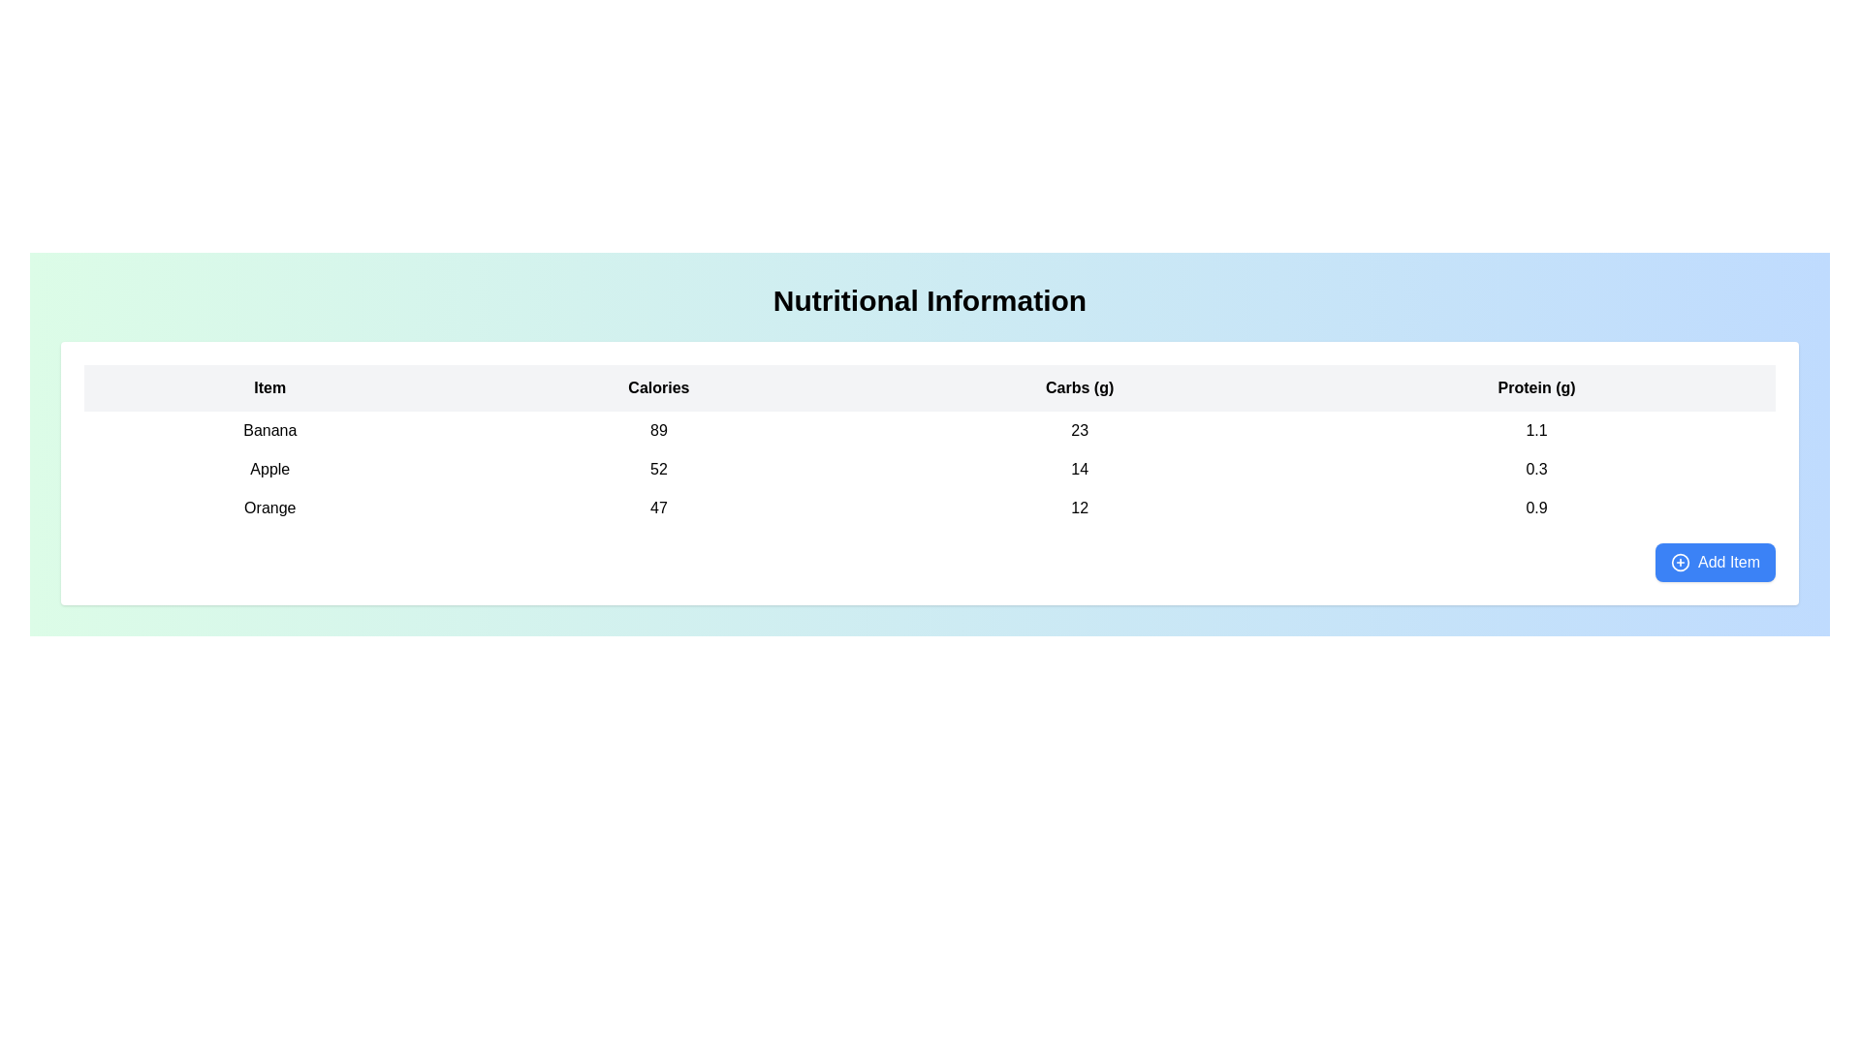 This screenshot has width=1861, height=1046. I want to click on the table cell displaying '12', so click(1079, 507).